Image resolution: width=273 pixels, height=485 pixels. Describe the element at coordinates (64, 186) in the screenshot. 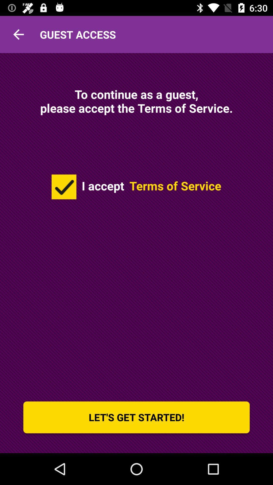

I see `the icon on the left` at that location.